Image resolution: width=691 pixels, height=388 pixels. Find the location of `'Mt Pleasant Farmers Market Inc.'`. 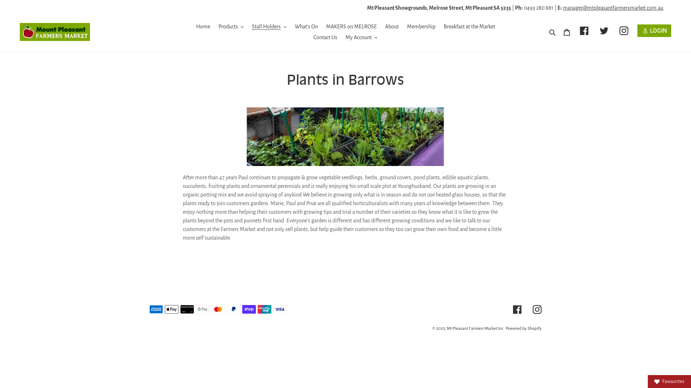

'Mt Pleasant Farmers Market Inc.' is located at coordinates (446, 328).